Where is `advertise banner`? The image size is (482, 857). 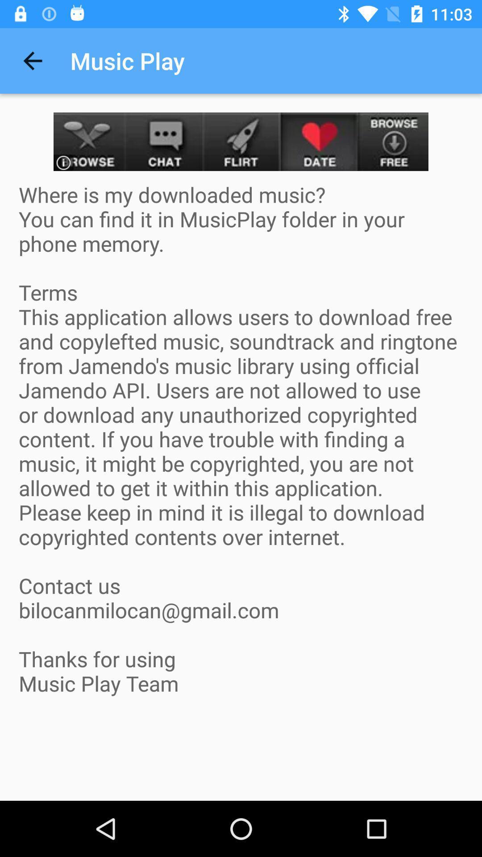
advertise banner is located at coordinates (241, 141).